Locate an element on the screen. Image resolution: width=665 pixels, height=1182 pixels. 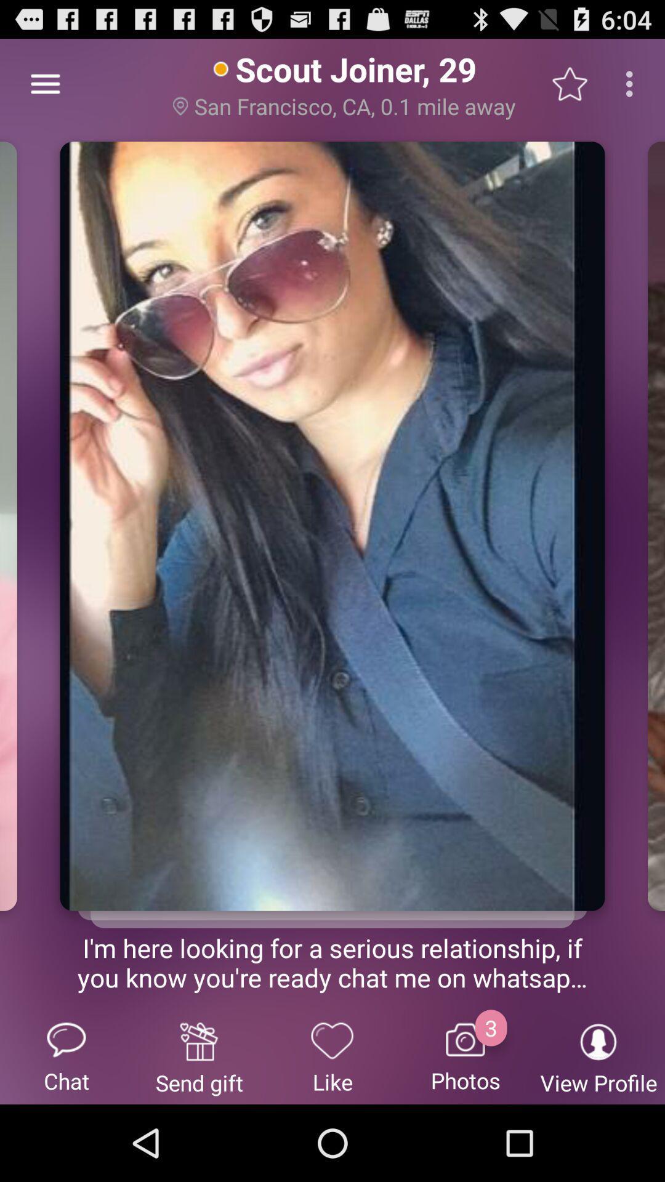
three vertical dots on the top right of the web page is located at coordinates (632, 84).